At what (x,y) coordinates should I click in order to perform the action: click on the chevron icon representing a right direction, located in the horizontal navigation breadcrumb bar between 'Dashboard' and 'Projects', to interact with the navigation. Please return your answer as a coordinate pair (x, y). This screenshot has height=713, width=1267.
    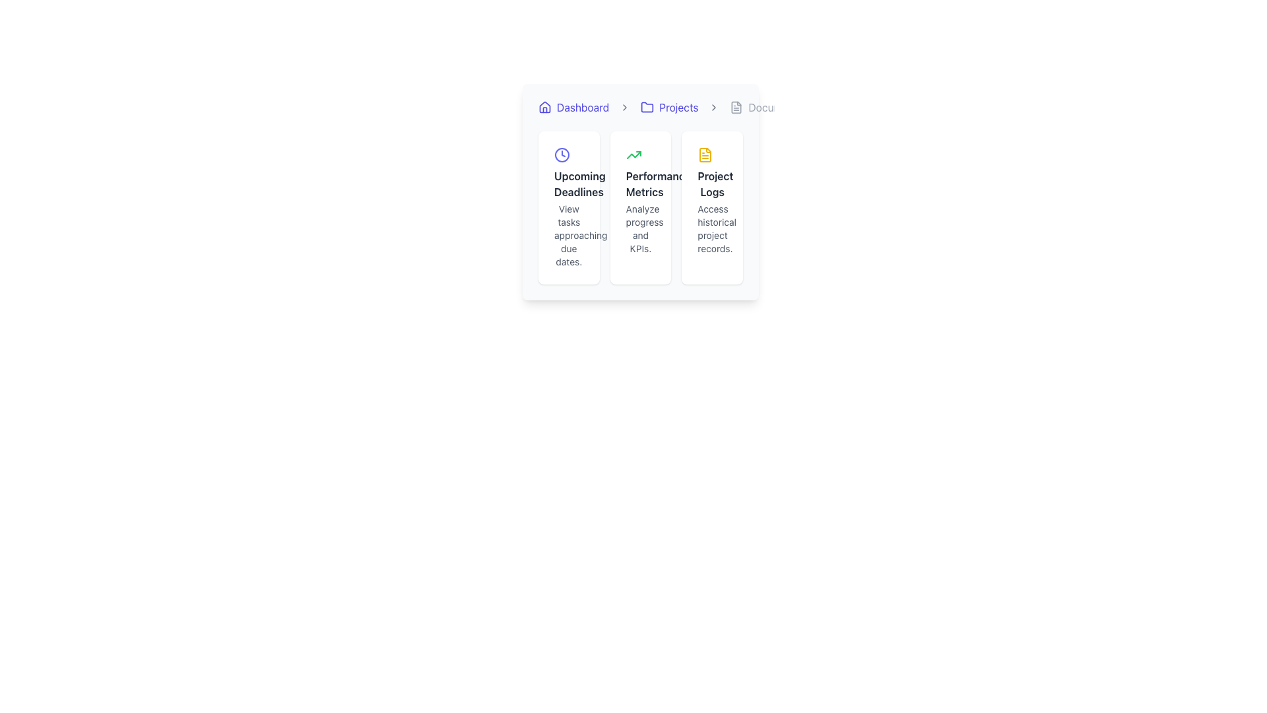
    Looking at the image, I should click on (624, 106).